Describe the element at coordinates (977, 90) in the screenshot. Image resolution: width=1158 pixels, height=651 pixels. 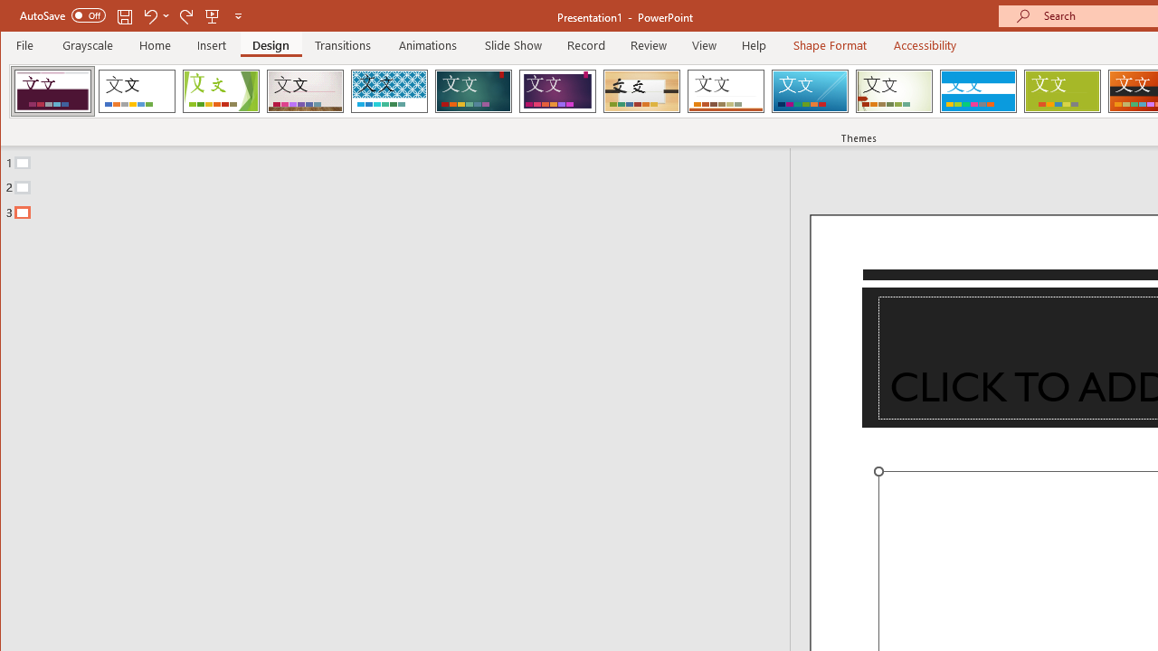
I see `'Banded'` at that location.